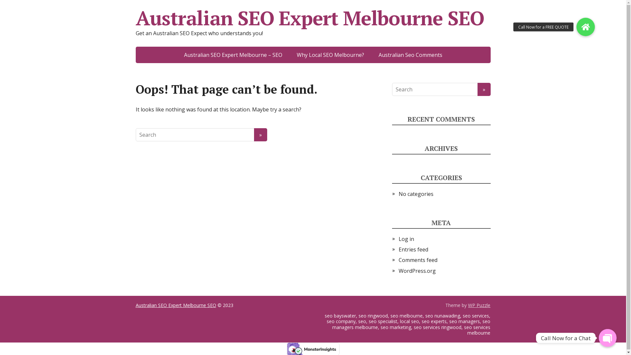 The height and width of the screenshot is (355, 631). What do you see at coordinates (406, 239) in the screenshot?
I see `'Log in'` at bounding box center [406, 239].